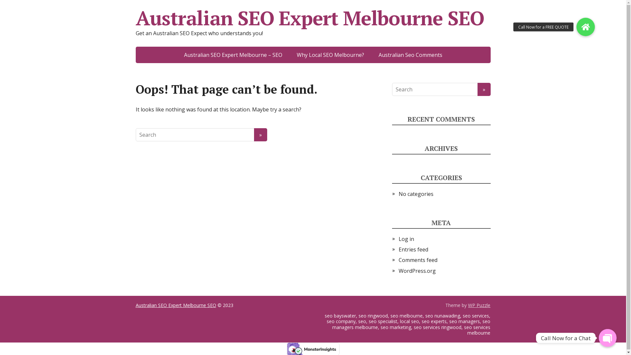 The height and width of the screenshot is (355, 631). What do you see at coordinates (406, 239) in the screenshot?
I see `'Log in'` at bounding box center [406, 239].